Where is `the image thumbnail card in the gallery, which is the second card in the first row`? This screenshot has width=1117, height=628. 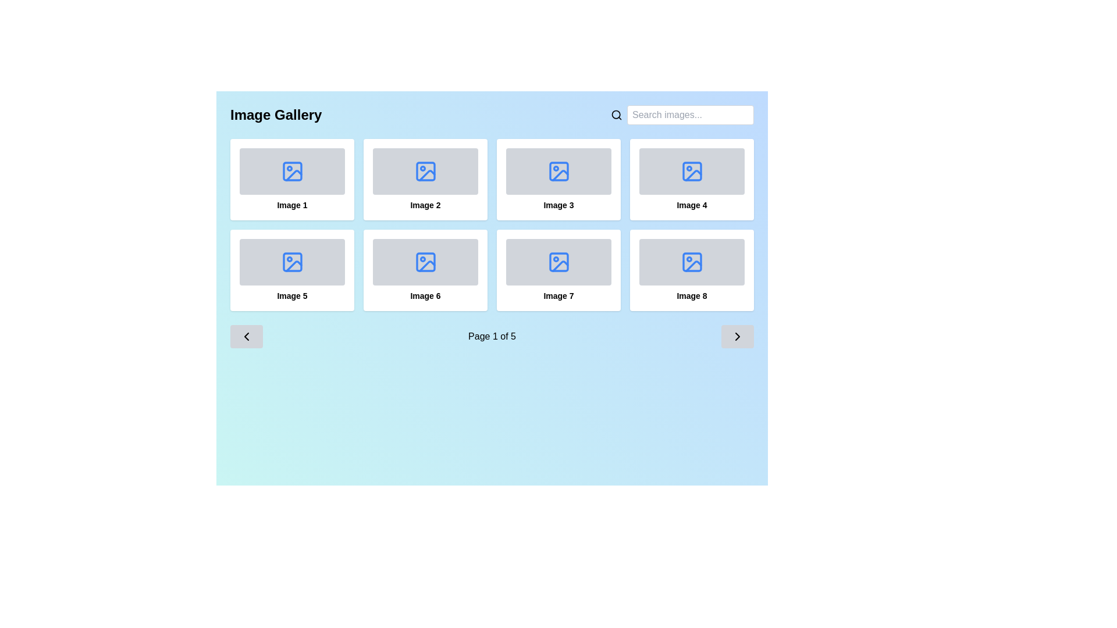 the image thumbnail card in the gallery, which is the second card in the first row is located at coordinates (425, 179).